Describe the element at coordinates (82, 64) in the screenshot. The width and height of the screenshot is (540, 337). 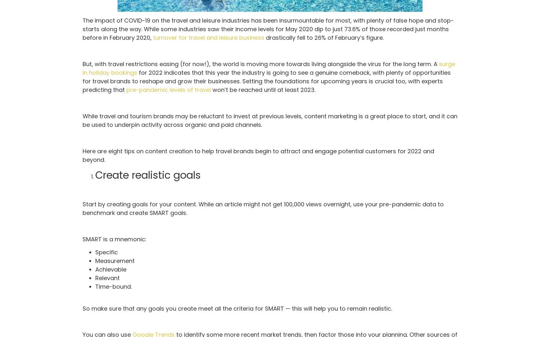
I see `'But, with travel restrictions easing (for now!), the world is moving more towards living alongside the virus for the long term. A'` at that location.